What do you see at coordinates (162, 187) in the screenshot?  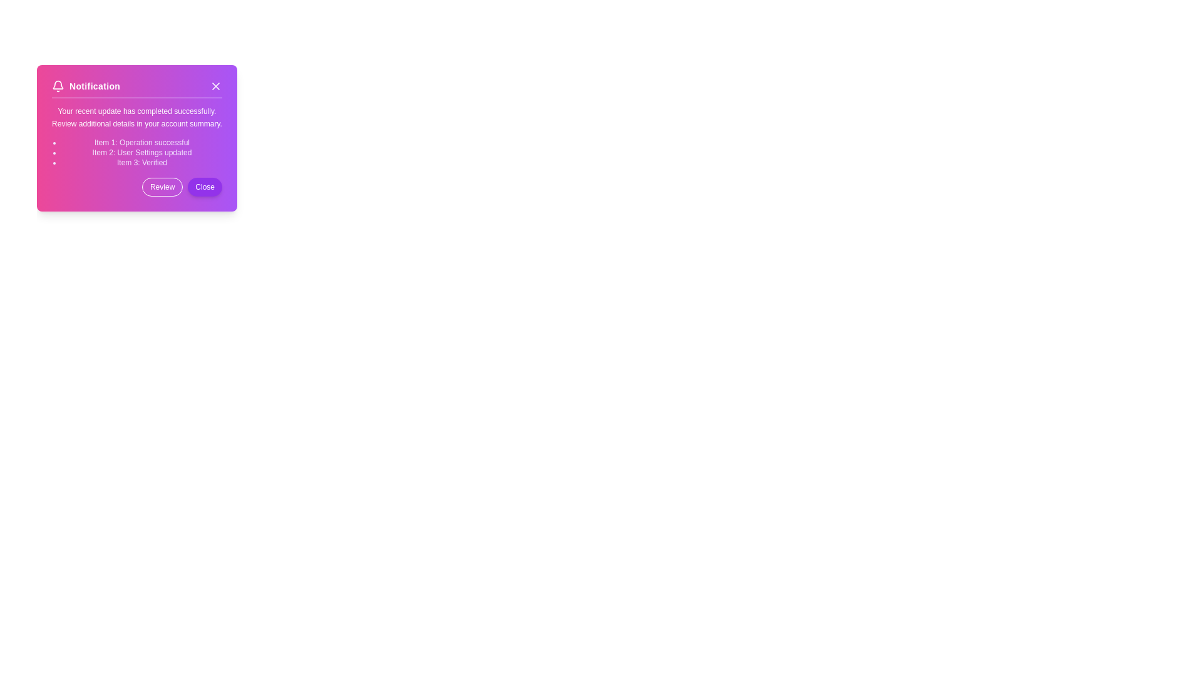 I see `the 'Review' button, which has a transparent background, white-bordered edges, and is located to the left of the 'Close' button in the lower right corner of the notification box` at bounding box center [162, 187].